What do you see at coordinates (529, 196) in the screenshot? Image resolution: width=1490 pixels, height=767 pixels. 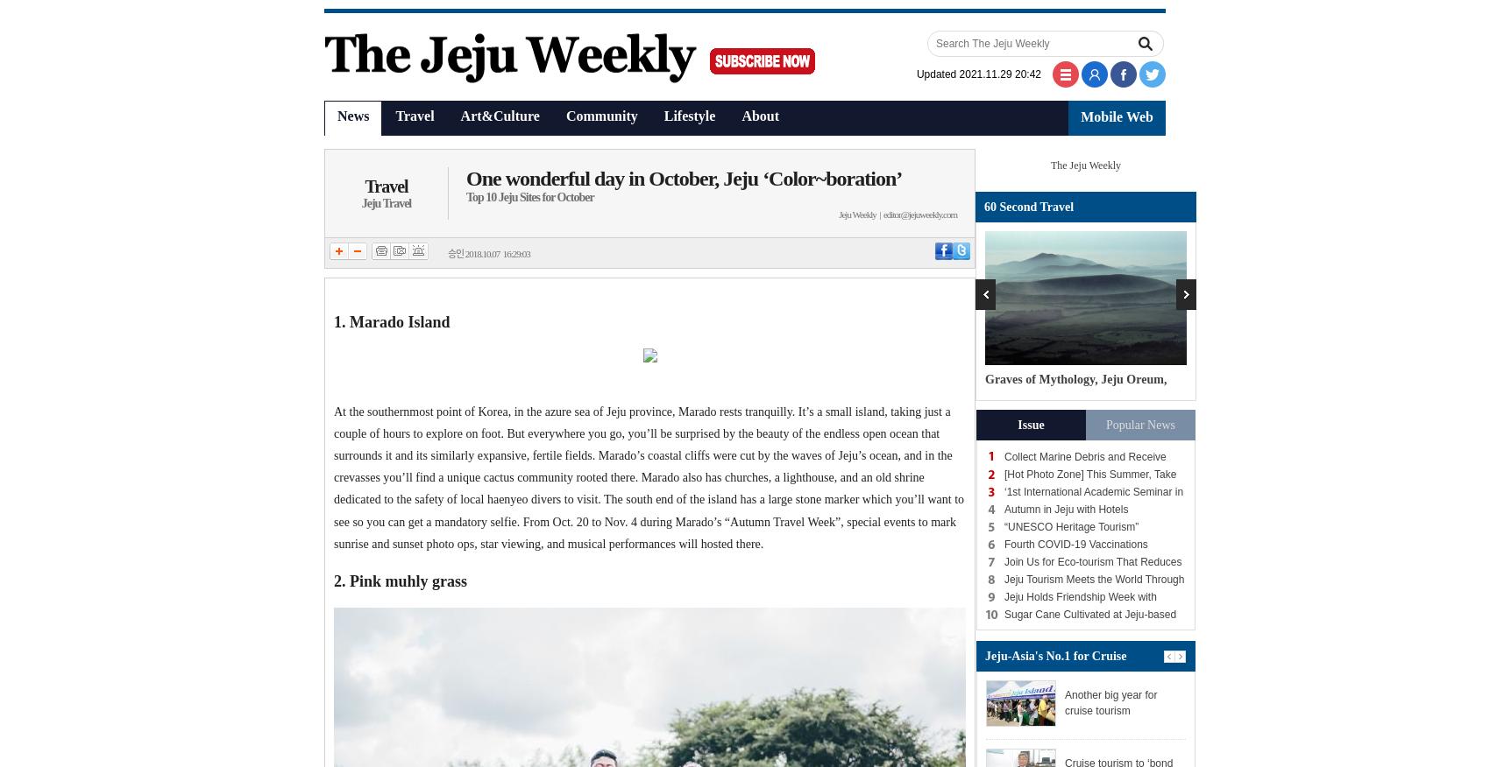 I see `'Top 10 Jeju Sites for October'` at bounding box center [529, 196].